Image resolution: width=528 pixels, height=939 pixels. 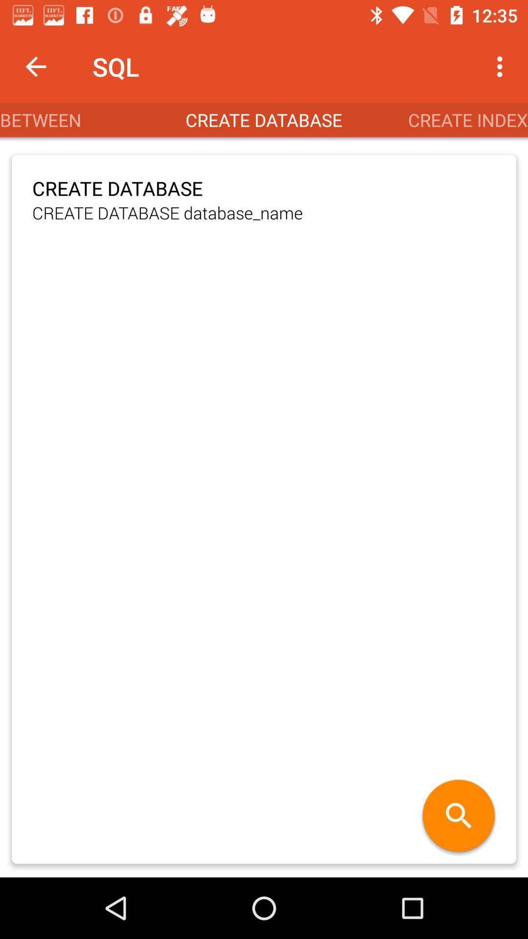 I want to click on app next to sql, so click(x=502, y=66).